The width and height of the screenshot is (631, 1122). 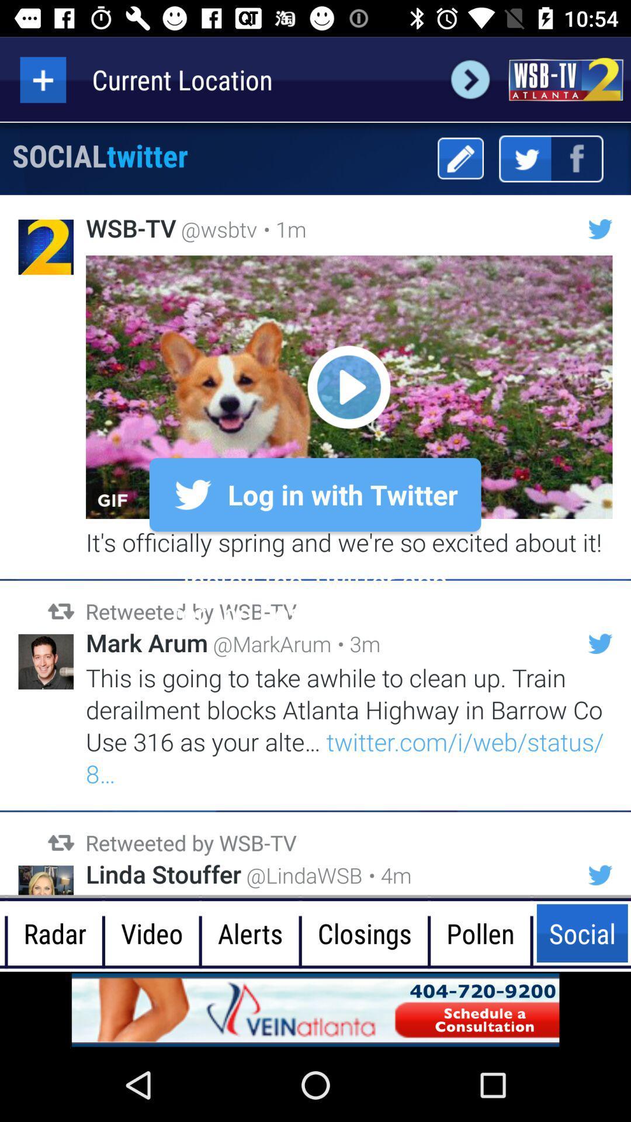 What do you see at coordinates (460, 158) in the screenshot?
I see `the edit icon` at bounding box center [460, 158].